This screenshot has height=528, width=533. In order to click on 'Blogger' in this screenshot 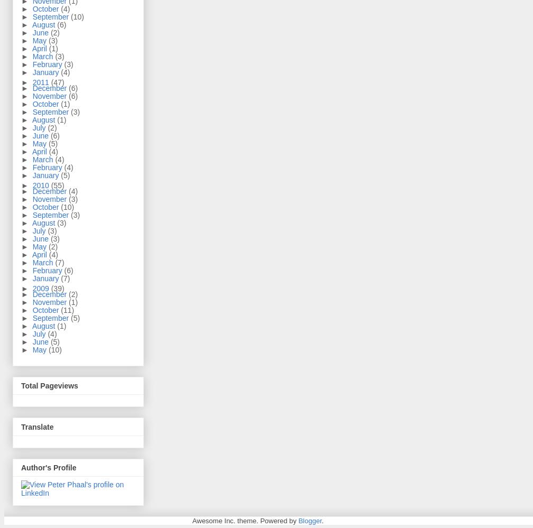, I will do `click(309, 520)`.